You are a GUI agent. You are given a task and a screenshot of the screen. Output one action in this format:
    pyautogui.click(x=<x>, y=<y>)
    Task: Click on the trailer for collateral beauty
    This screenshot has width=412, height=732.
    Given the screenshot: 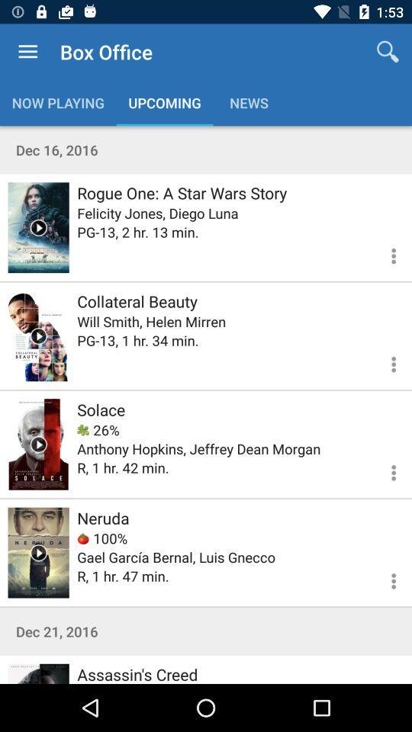 What is the action you would take?
    pyautogui.click(x=38, y=335)
    